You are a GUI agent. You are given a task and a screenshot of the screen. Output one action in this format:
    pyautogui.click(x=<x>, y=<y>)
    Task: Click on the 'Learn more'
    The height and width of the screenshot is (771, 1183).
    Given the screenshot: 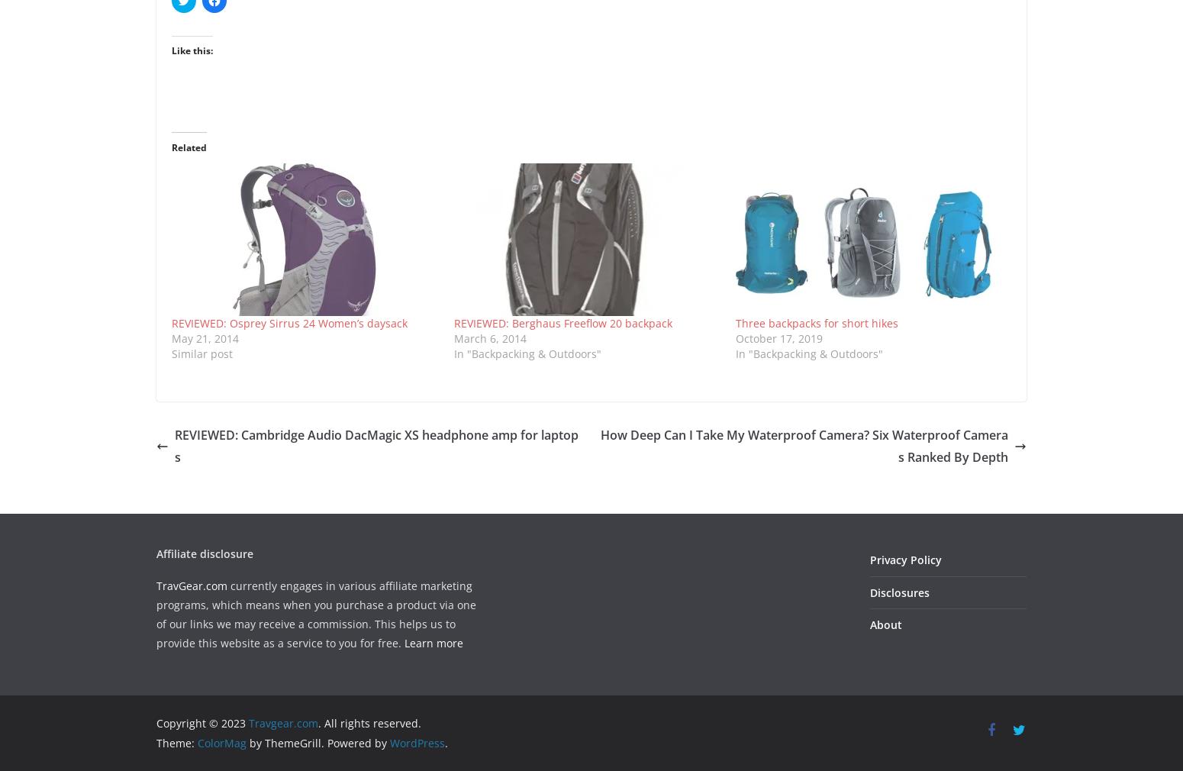 What is the action you would take?
    pyautogui.click(x=434, y=643)
    